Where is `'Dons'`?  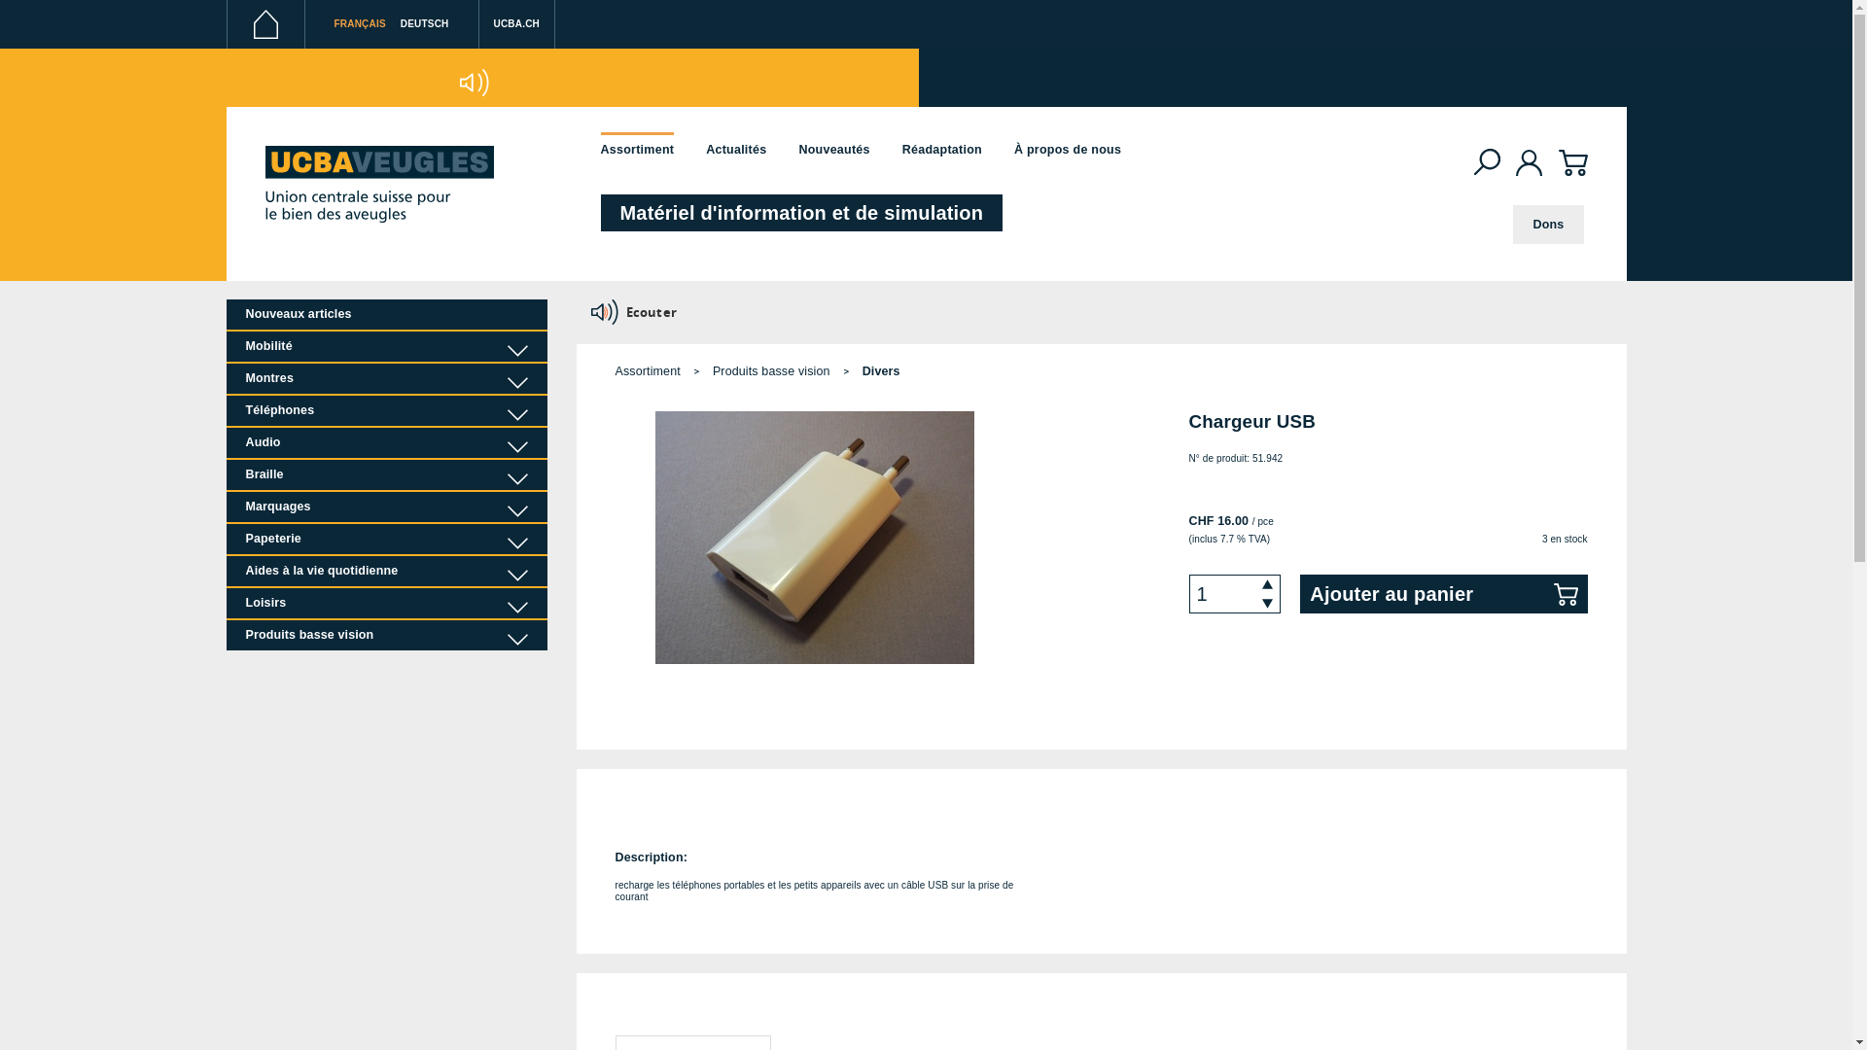
'Dons' is located at coordinates (1547, 224).